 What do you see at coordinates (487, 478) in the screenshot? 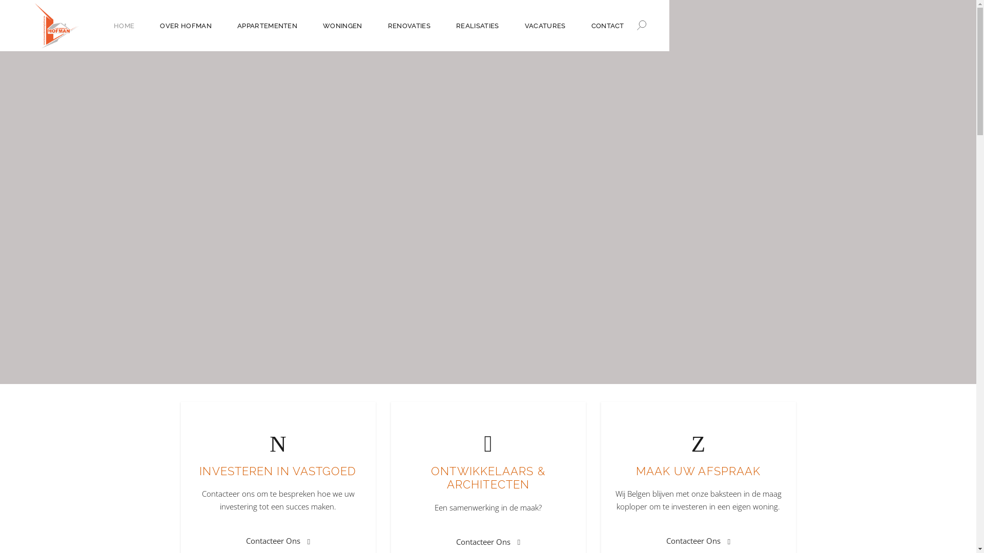
I see `'ONTWIKKELAARS & ARCHITECTEN'` at bounding box center [487, 478].